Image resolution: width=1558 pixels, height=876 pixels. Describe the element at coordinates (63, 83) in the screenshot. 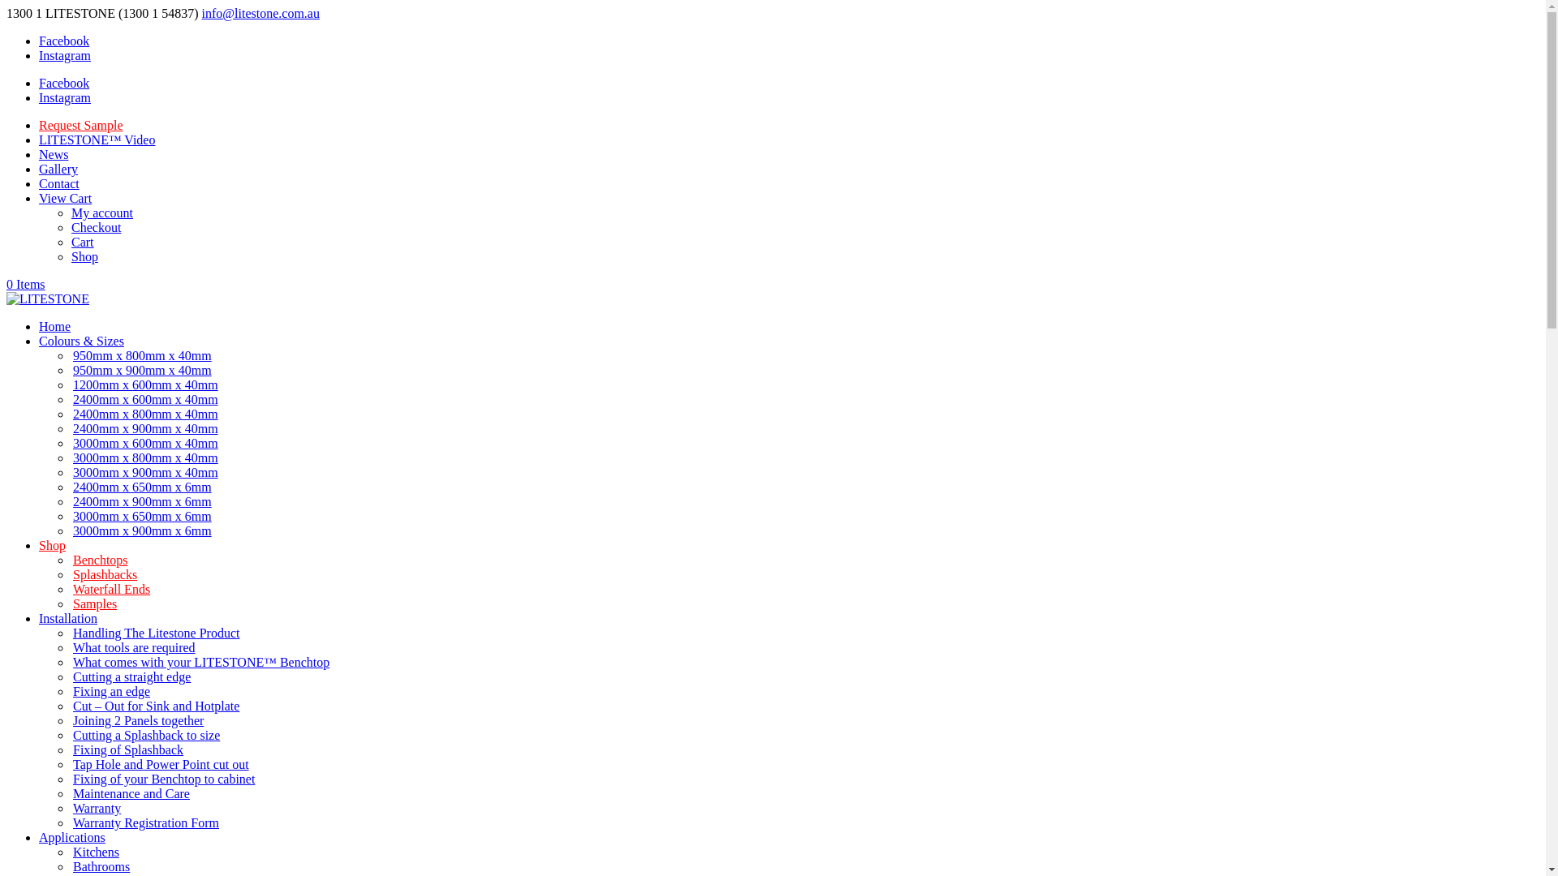

I see `'Facebook'` at that location.